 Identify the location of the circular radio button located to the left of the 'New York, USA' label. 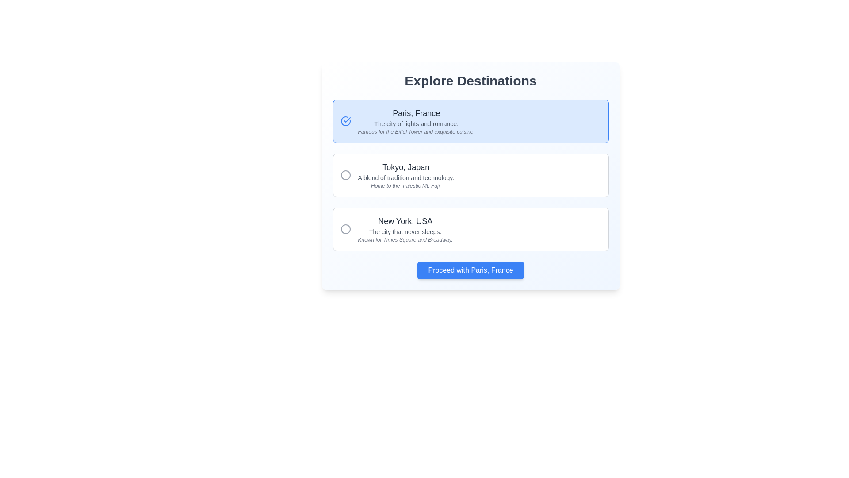
(345, 228).